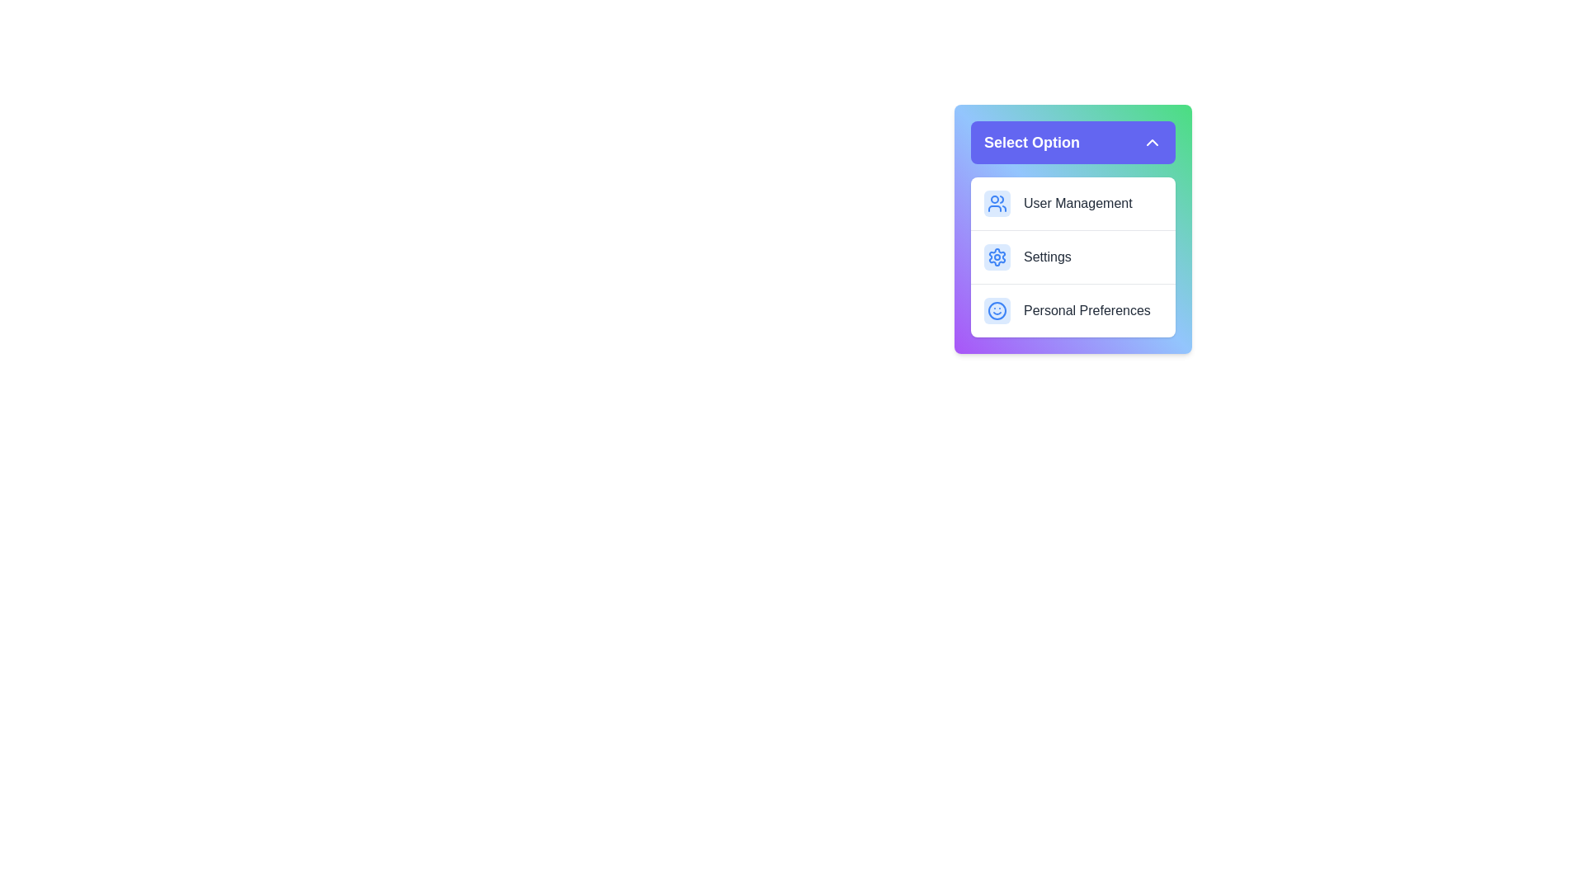 This screenshot has width=1584, height=891. Describe the element at coordinates (997, 311) in the screenshot. I see `the 'Personal Preferences' icon within the dropdown menu, which visually represents the section` at that location.